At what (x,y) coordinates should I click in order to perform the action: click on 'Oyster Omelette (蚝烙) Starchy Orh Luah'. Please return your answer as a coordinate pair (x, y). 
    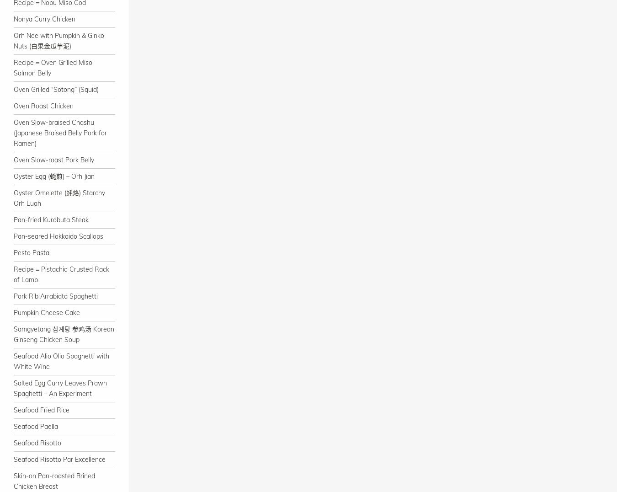
    Looking at the image, I should click on (59, 198).